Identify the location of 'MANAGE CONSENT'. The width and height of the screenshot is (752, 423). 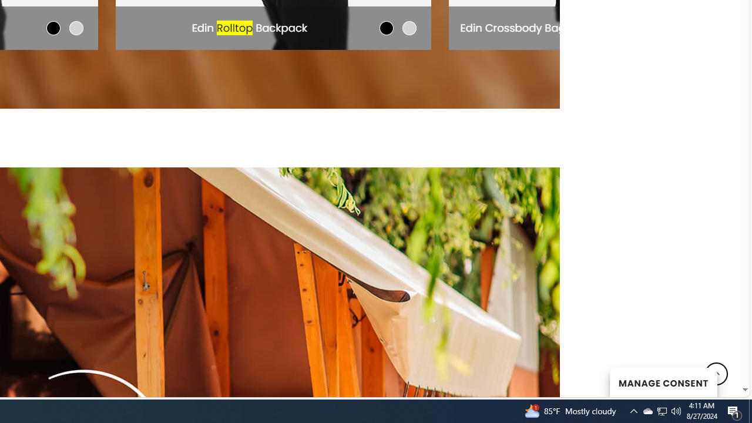
(663, 382).